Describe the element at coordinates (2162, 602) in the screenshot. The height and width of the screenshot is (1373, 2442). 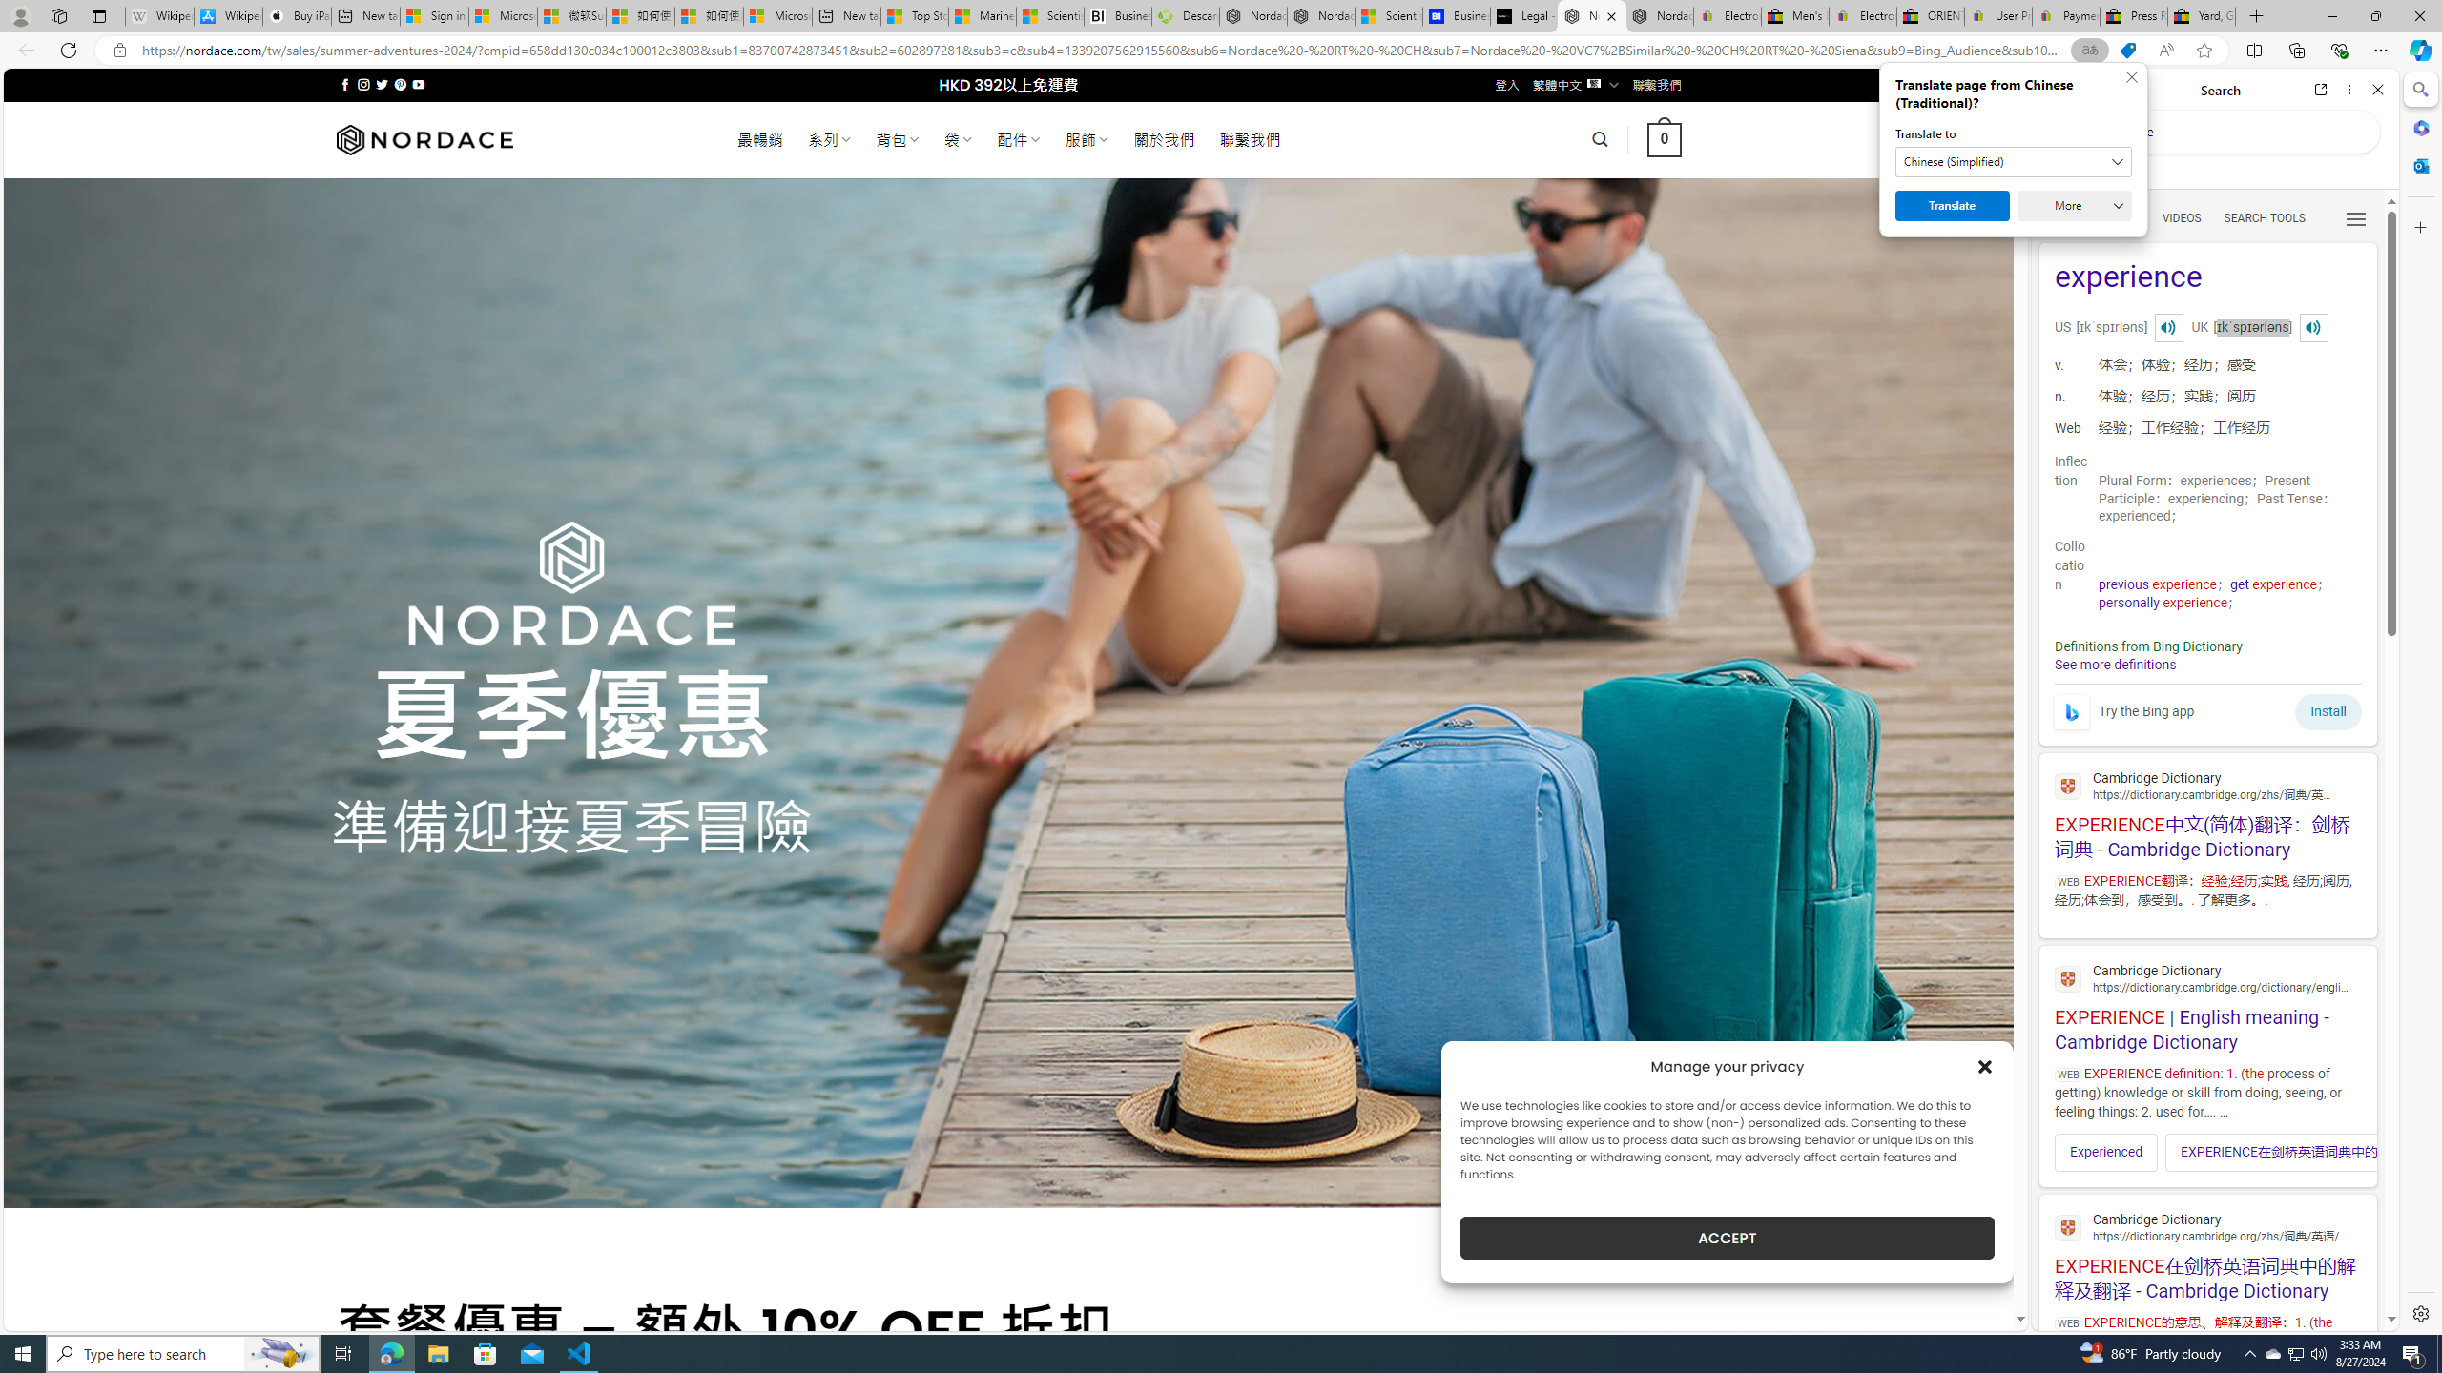
I see `'personally experience'` at that location.